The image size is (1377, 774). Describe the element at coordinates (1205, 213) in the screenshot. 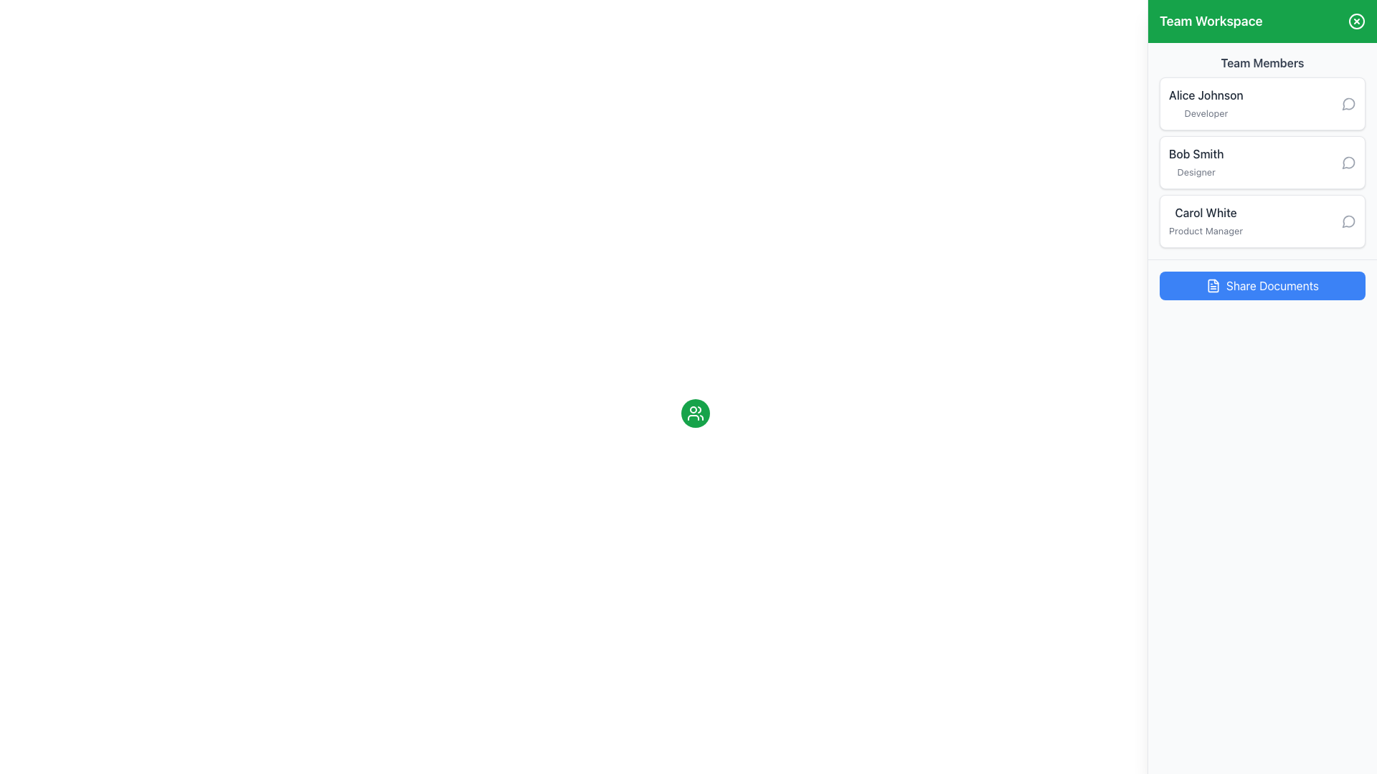

I see `the 'Carol White' text label located` at that location.